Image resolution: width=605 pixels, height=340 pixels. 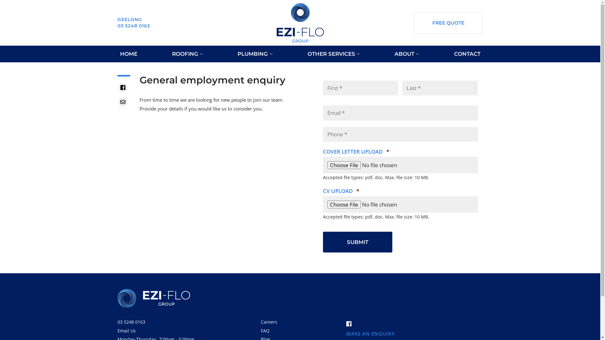 I want to click on 'CONTACT', so click(x=467, y=54).